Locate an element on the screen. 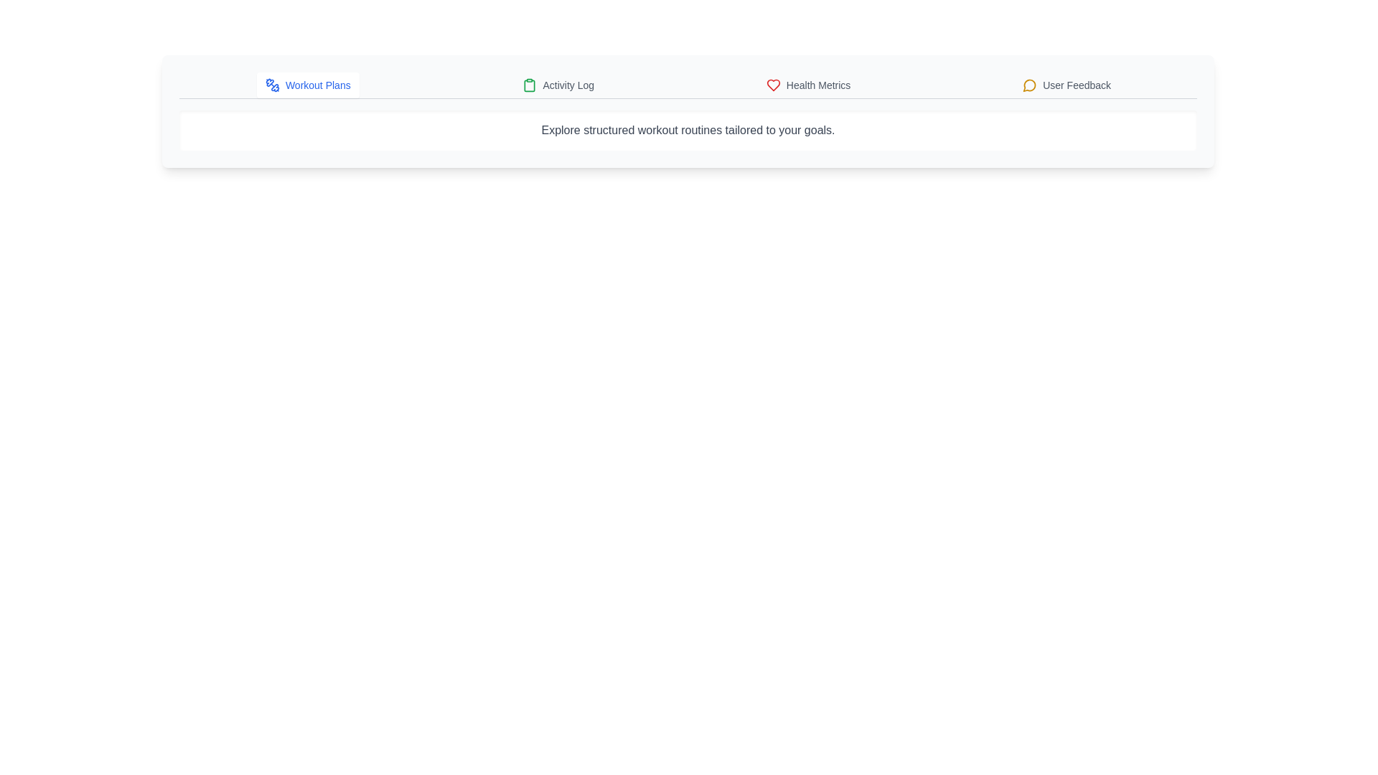  the 'Workout Plans' button, which features a dumbbell icon and blue text, to trigger visual feedback is located at coordinates (307, 85).